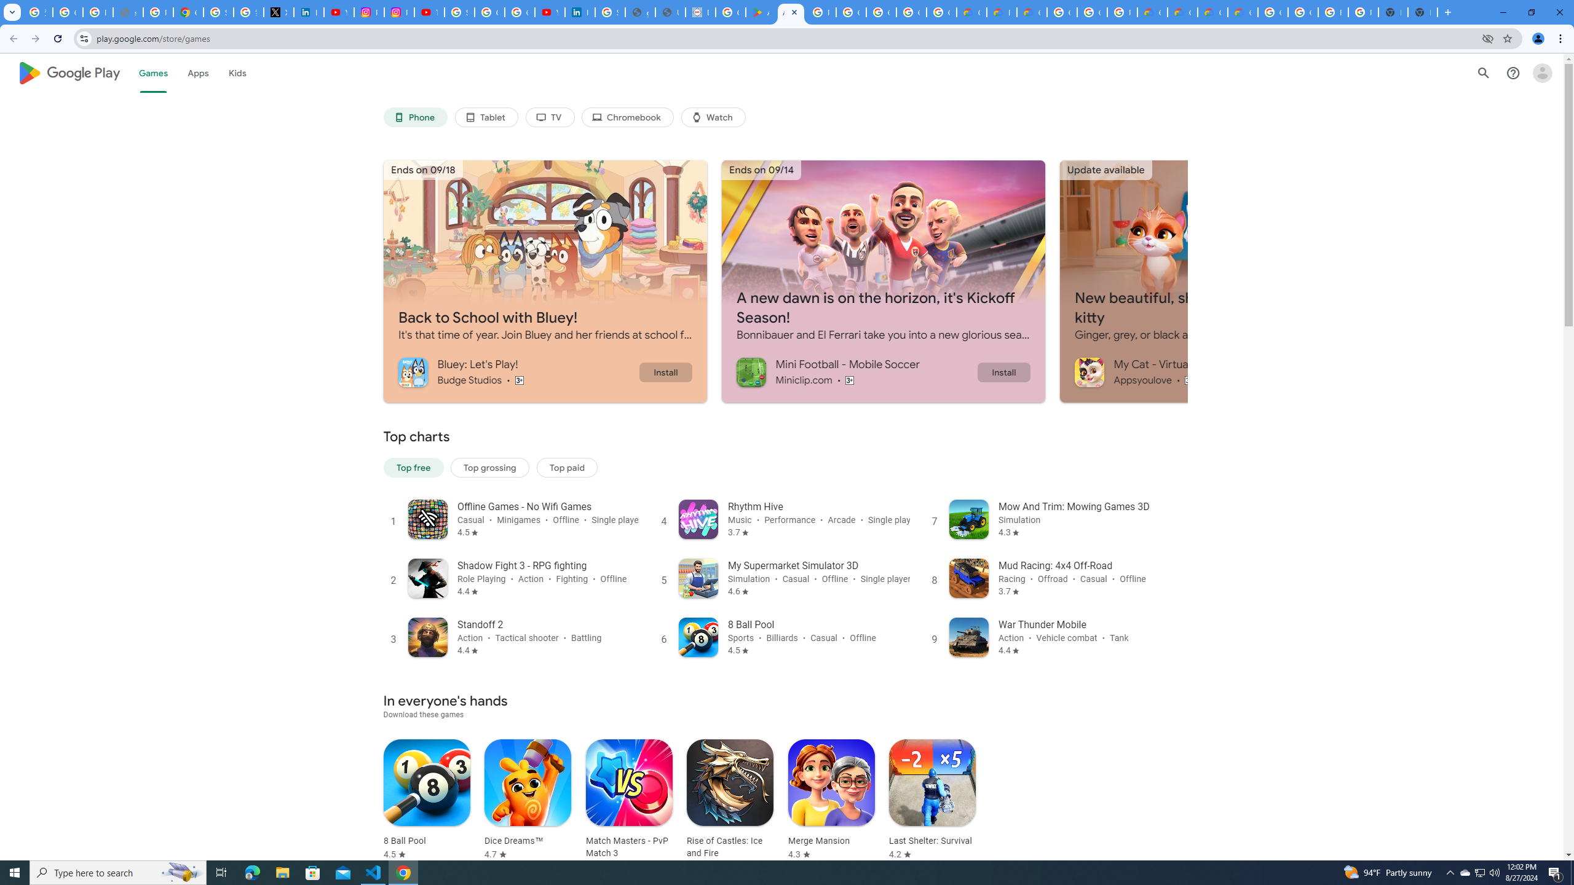 Image resolution: width=1574 pixels, height=885 pixels. I want to click on 'Top paid', so click(566, 468).